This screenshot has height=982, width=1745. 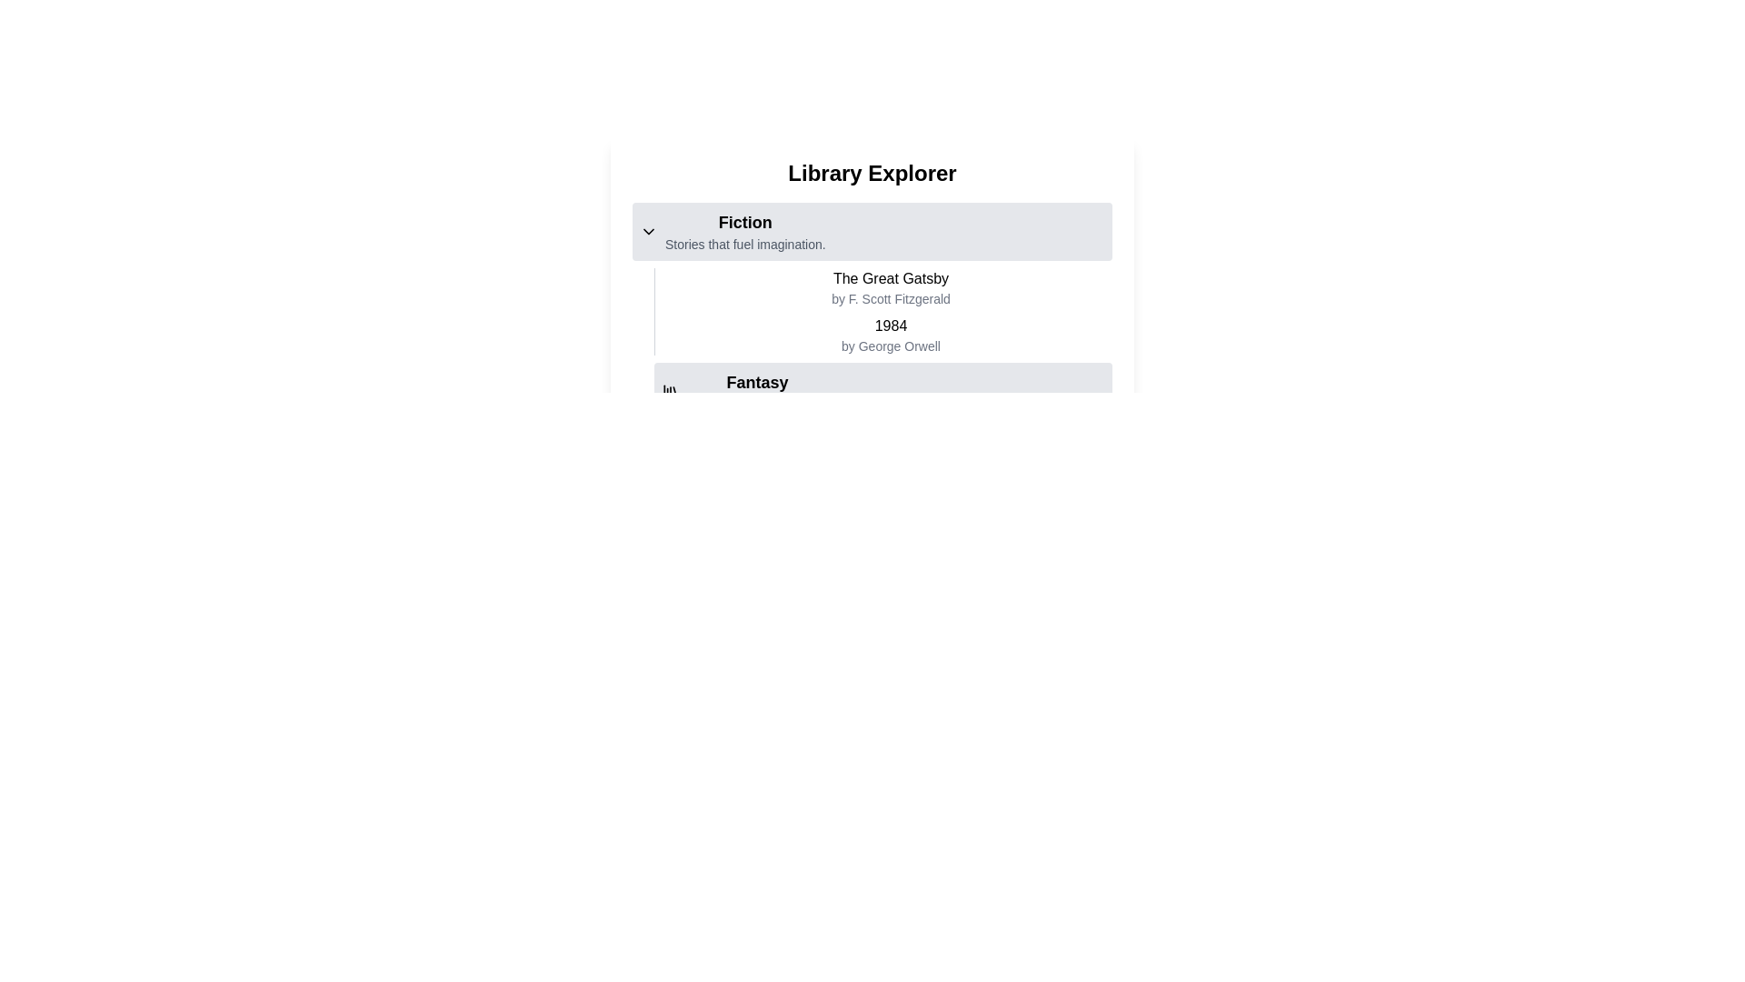 What do you see at coordinates (882, 391) in the screenshot?
I see `the 'Fantasy' list item` at bounding box center [882, 391].